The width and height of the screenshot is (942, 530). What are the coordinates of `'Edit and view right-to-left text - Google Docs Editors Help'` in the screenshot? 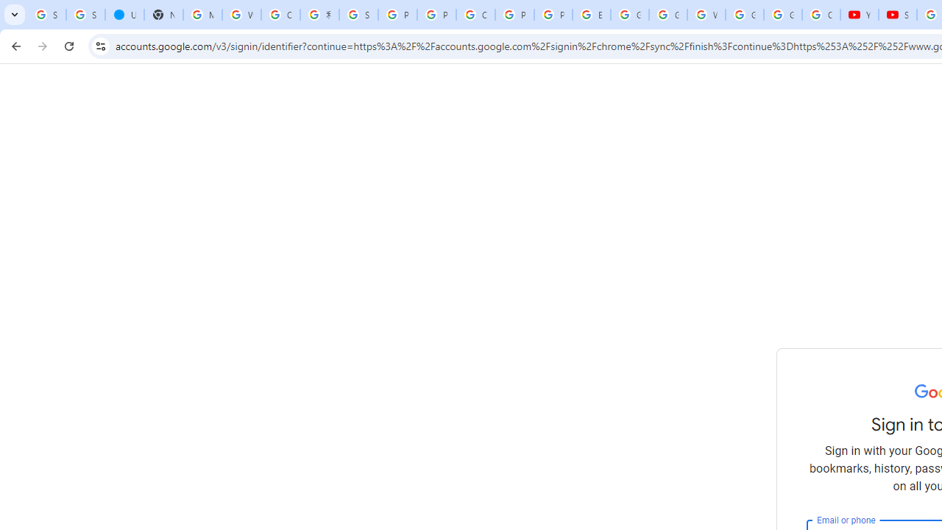 It's located at (591, 15).